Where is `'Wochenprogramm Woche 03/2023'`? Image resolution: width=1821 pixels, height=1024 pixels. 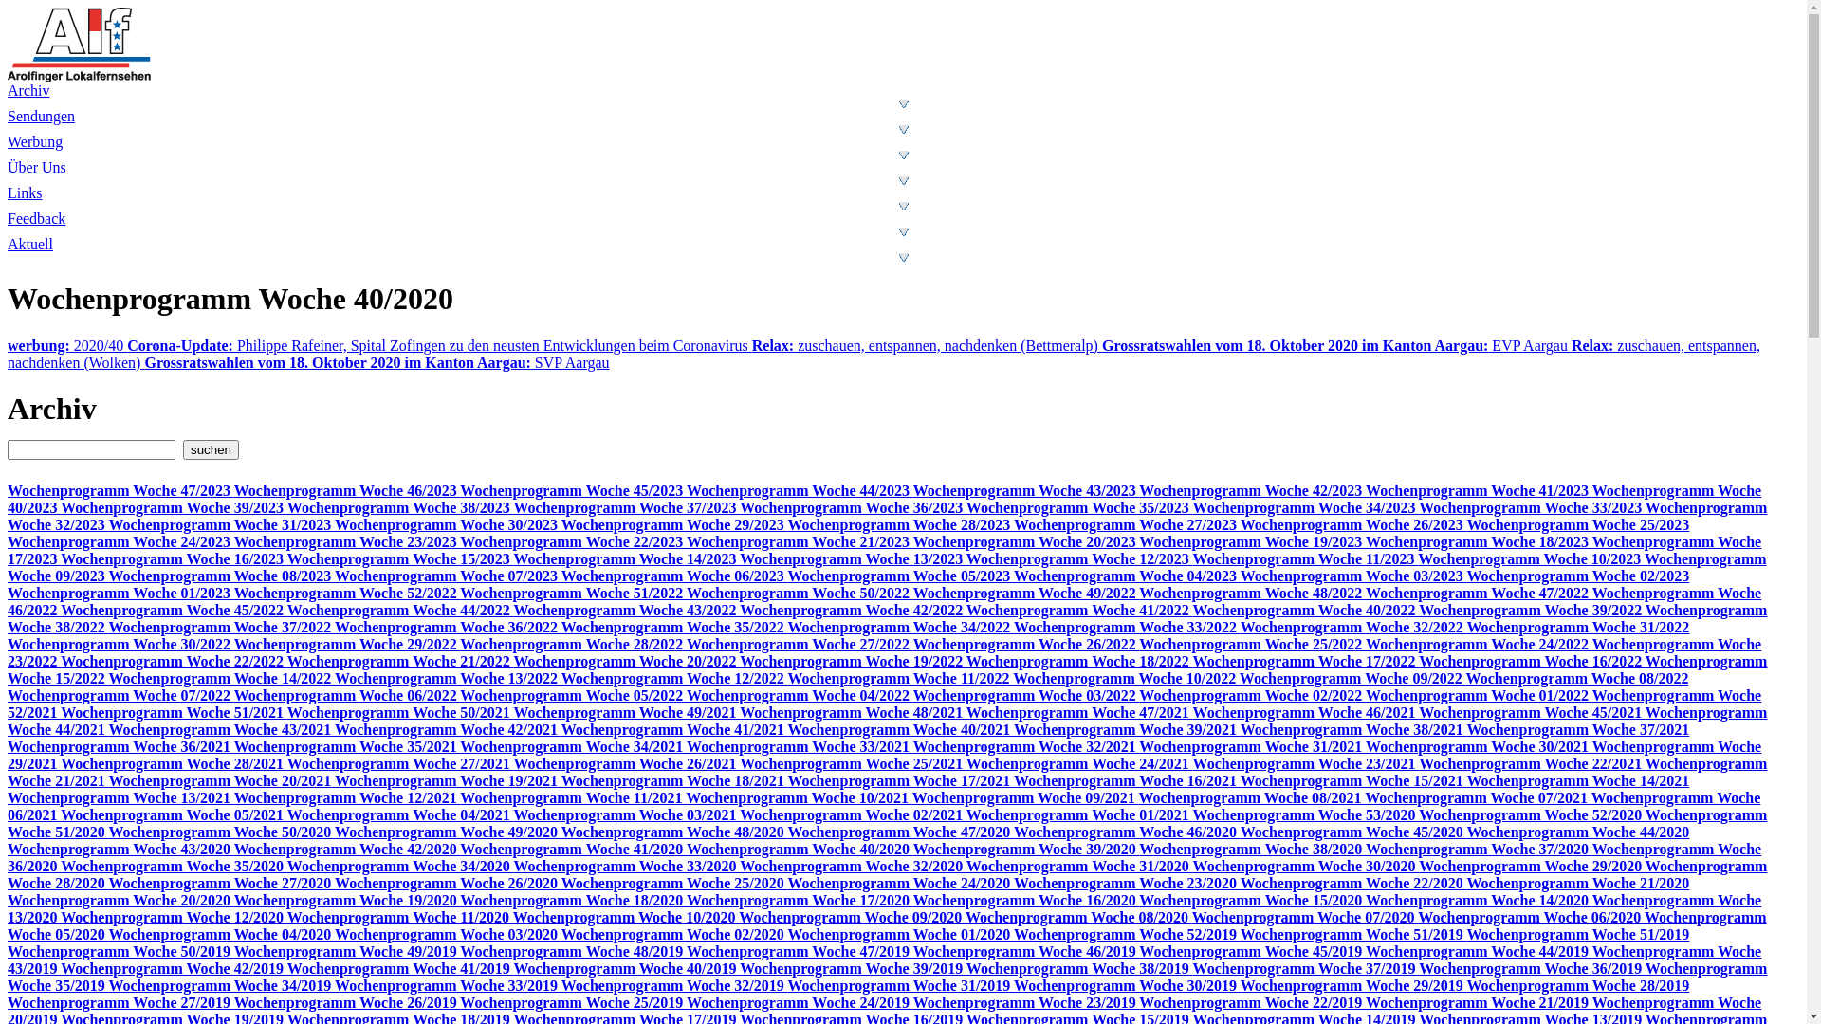 'Wochenprogramm Woche 03/2023' is located at coordinates (1352, 575).